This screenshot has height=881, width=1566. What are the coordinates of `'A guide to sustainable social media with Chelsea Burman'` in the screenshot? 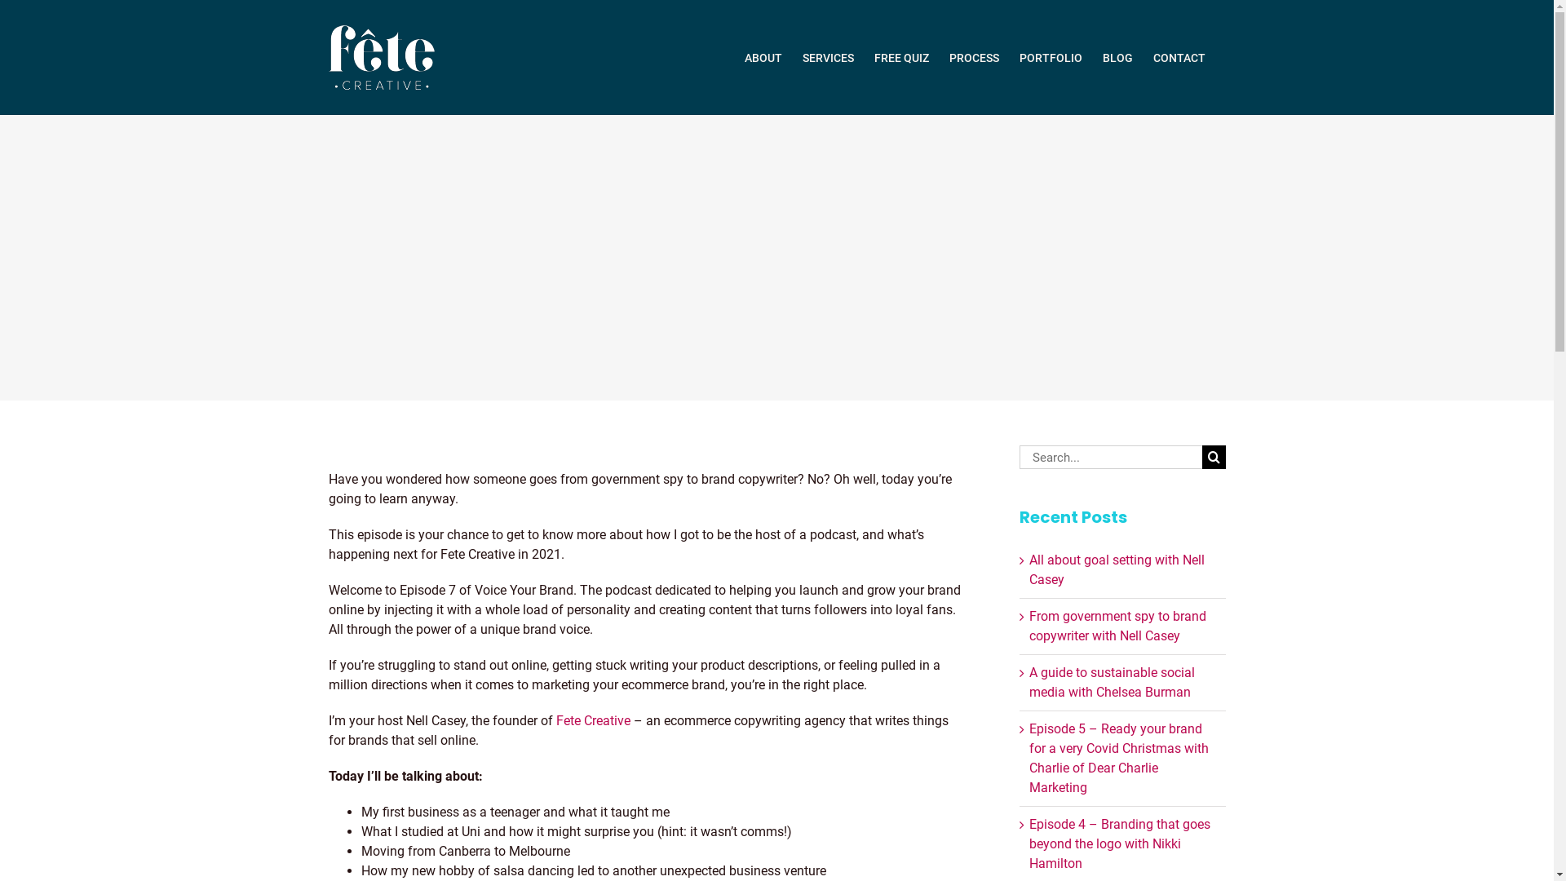 It's located at (1111, 682).